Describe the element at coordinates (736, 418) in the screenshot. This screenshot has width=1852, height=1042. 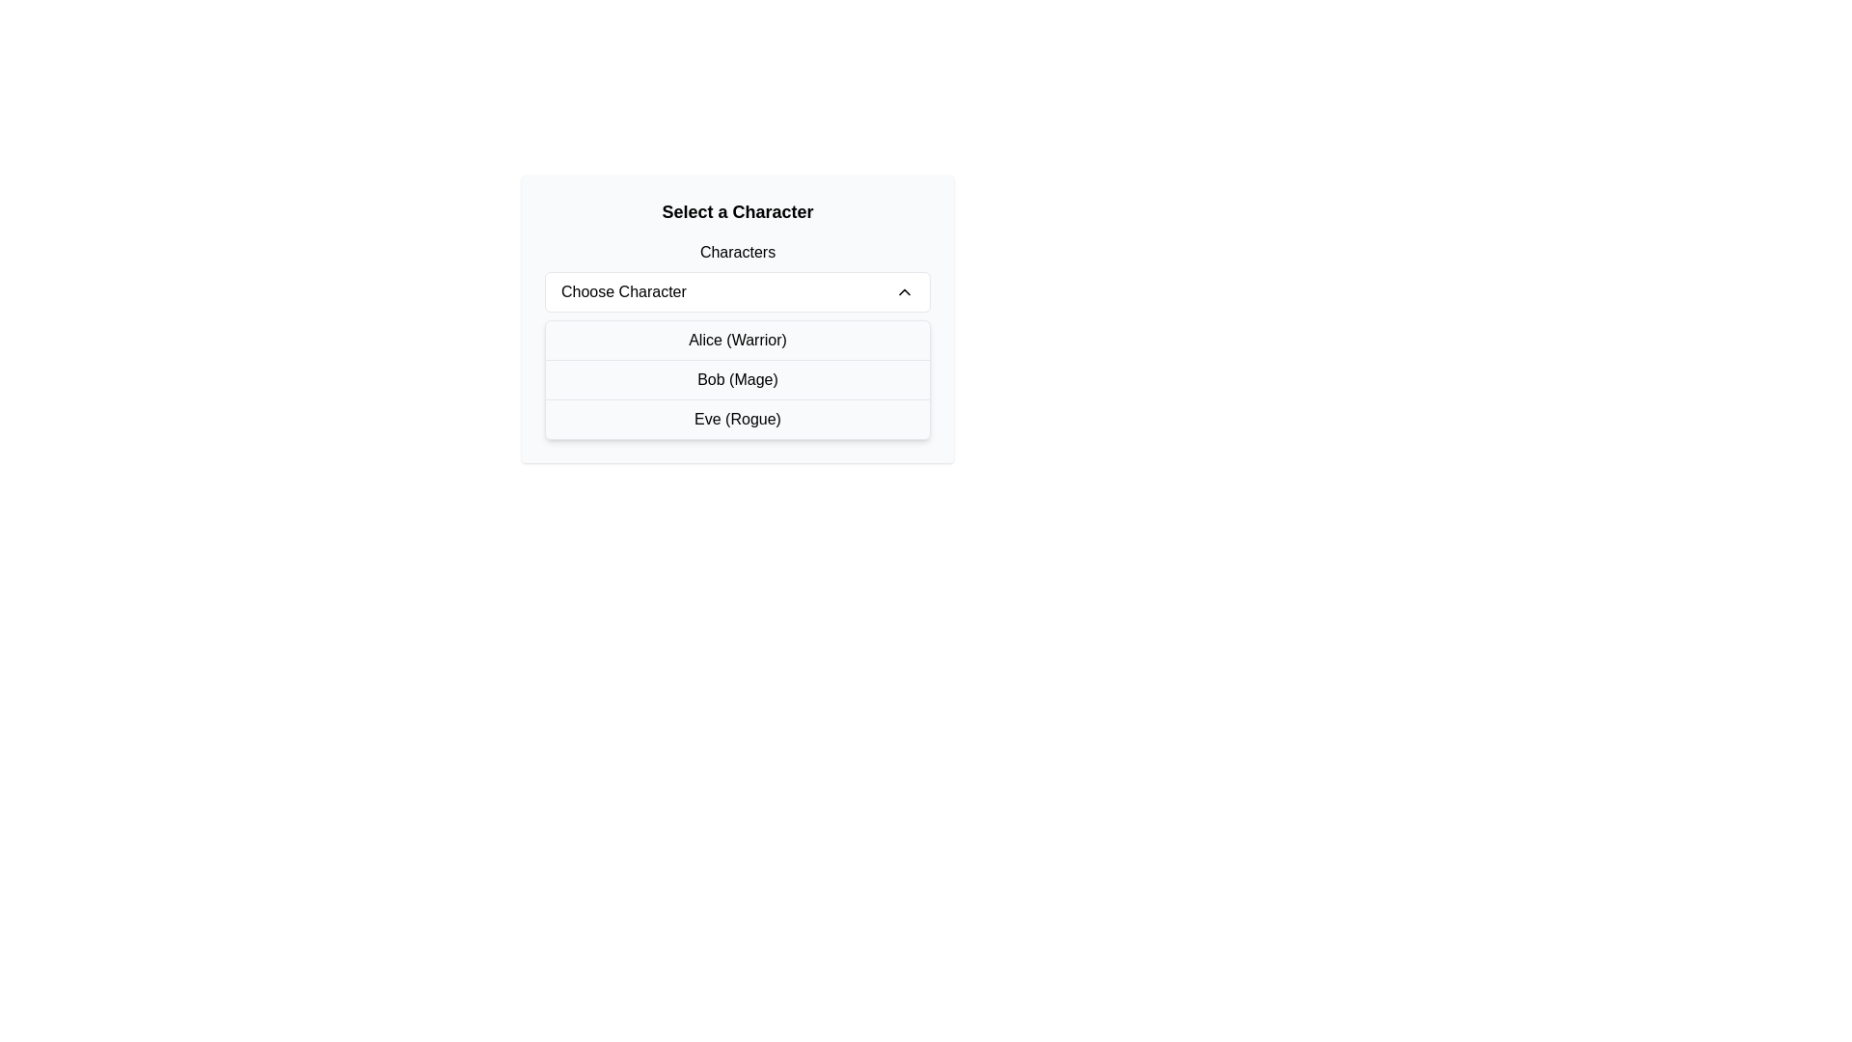
I see `the selectable list item labeled 'Eve (Rogue)', which is the last item in the dropdown list under 'Select a Character', to indicate selection` at that location.